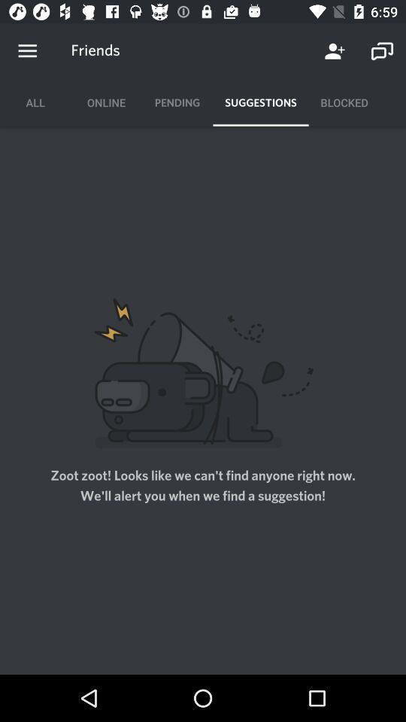  What do you see at coordinates (382, 51) in the screenshot?
I see `the icon above blocked` at bounding box center [382, 51].